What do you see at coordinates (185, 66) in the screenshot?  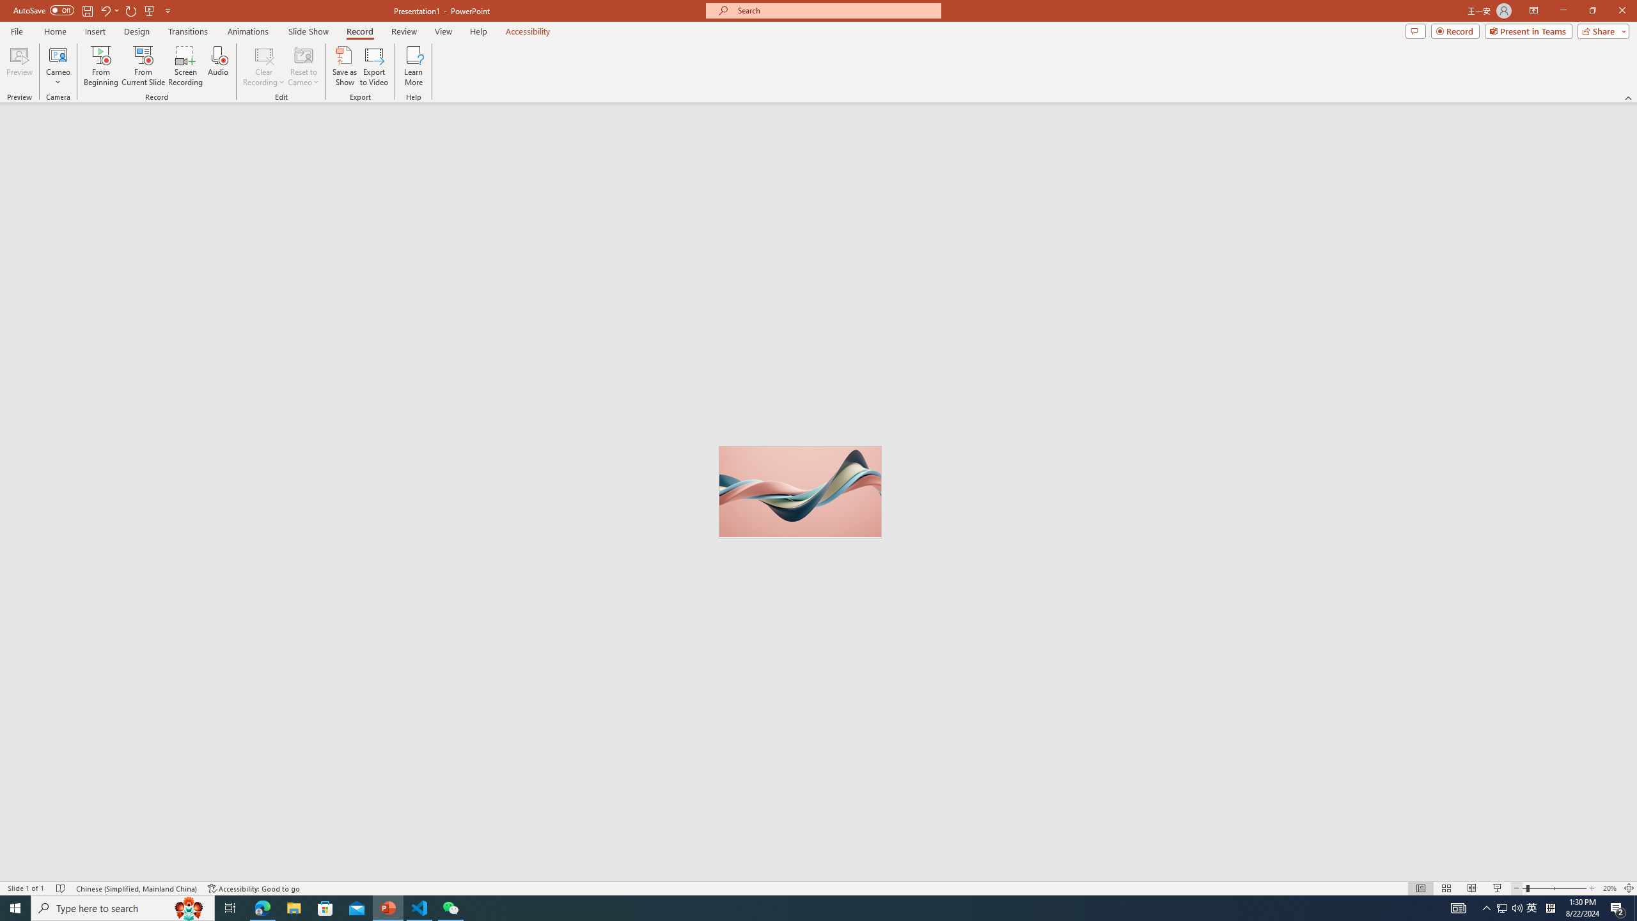 I see `'Screen Recording'` at bounding box center [185, 66].